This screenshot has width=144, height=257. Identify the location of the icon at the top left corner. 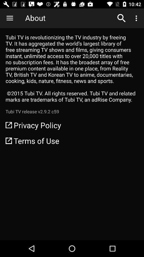
(10, 18).